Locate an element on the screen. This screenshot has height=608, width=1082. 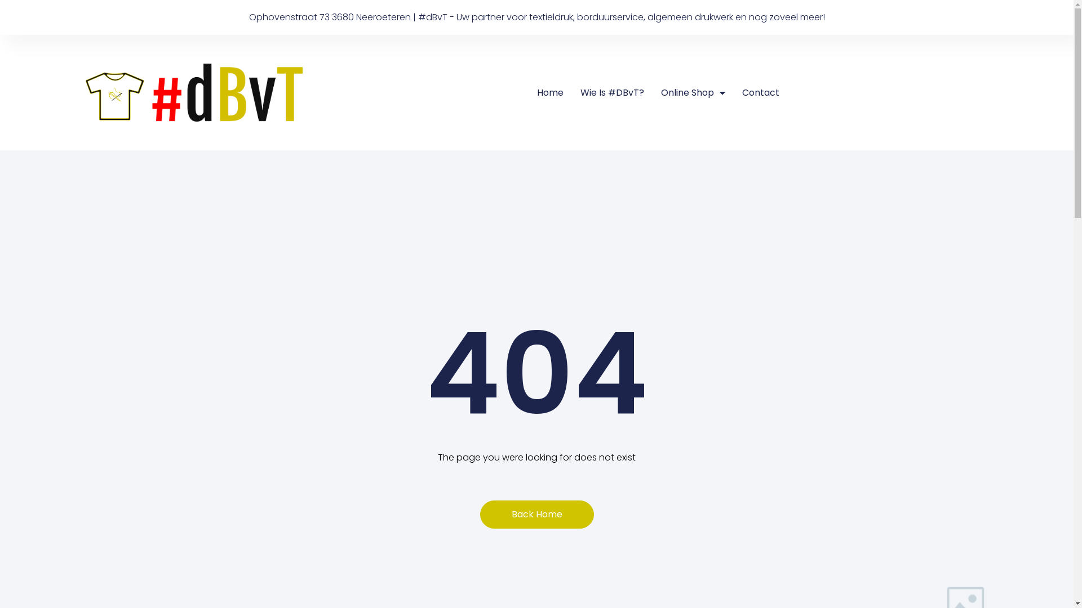
'Wie Is #DBvT?' is located at coordinates (580, 92).